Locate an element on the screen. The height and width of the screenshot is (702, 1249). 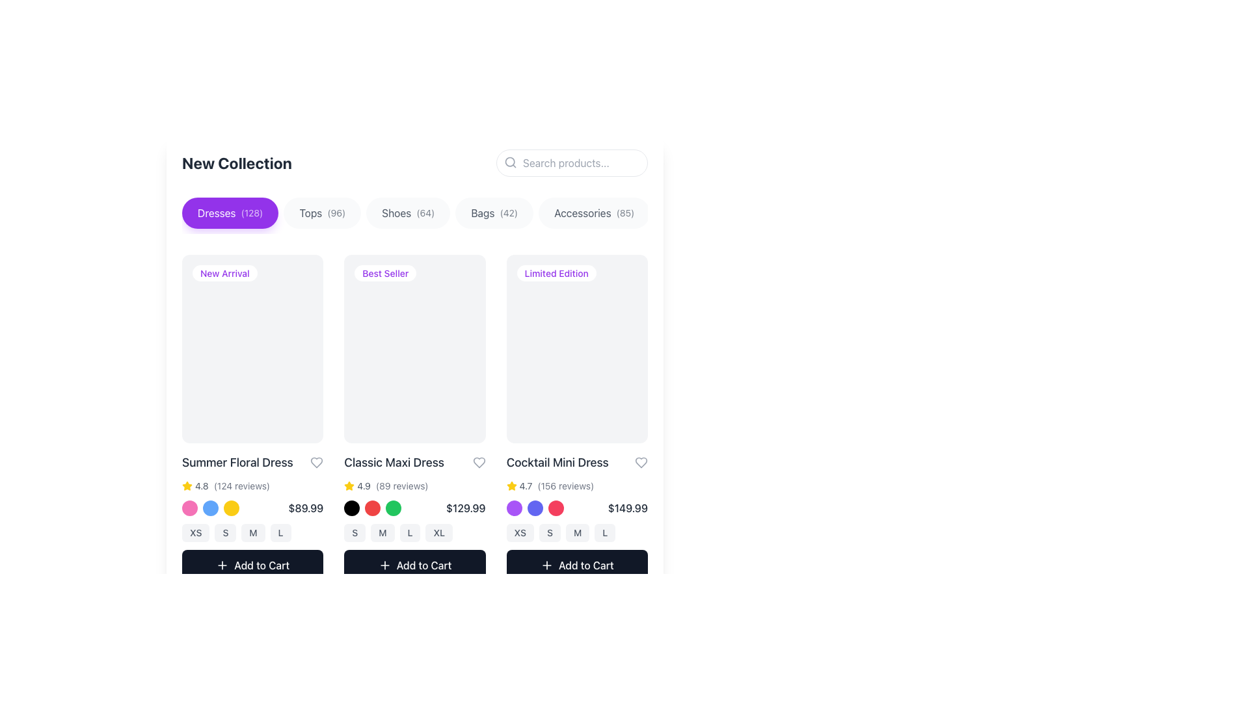
the 'Best Seller' badge located in the top-left corner of the second product card for the 'Classic Maxi Dress' is located at coordinates (384, 272).